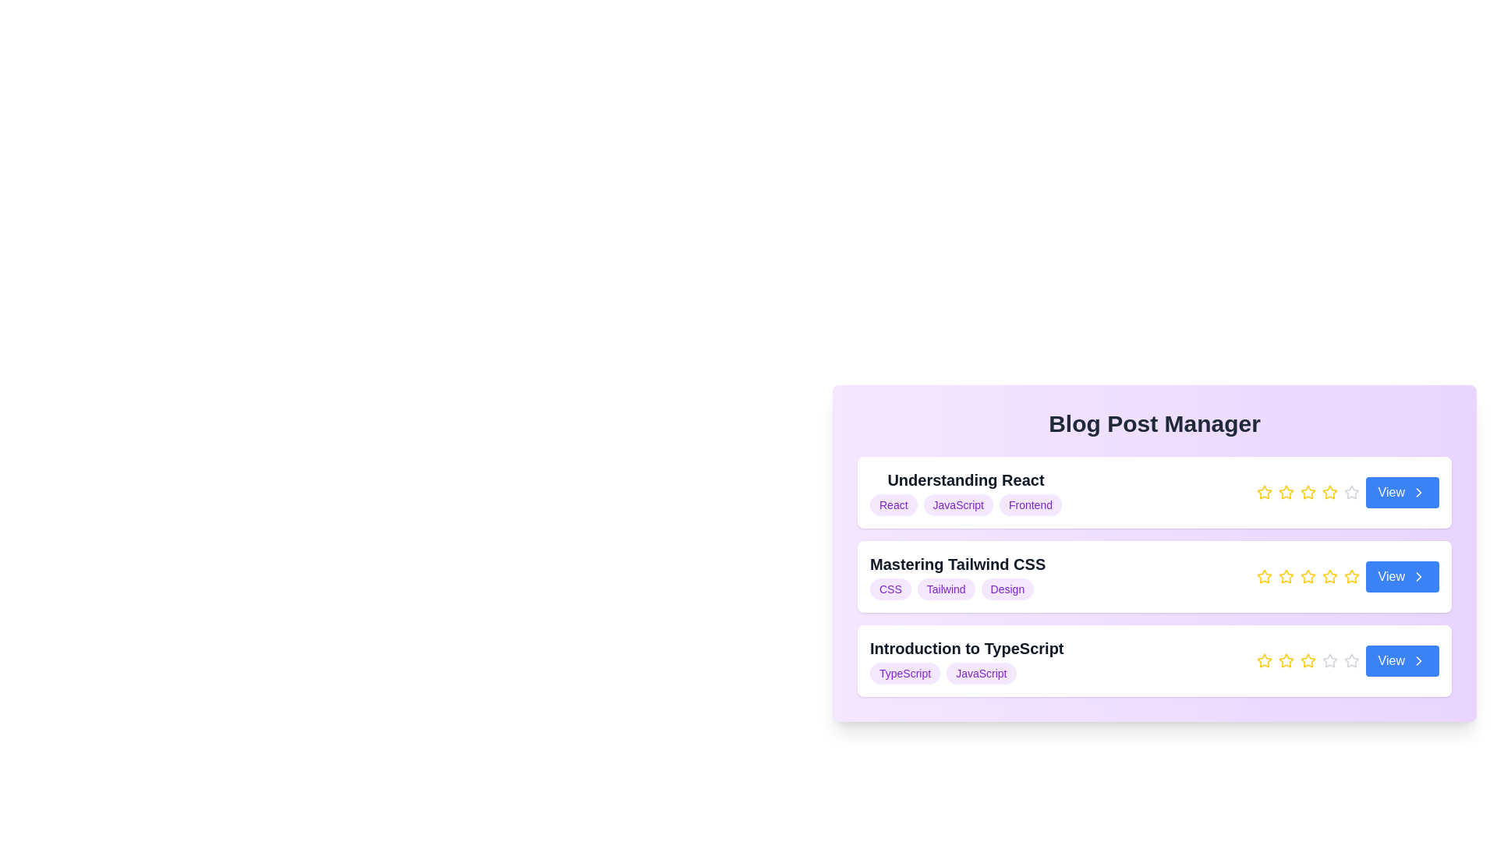 The width and height of the screenshot is (1497, 842). Describe the element at coordinates (1264, 576) in the screenshot. I see `the third star icon in the list under 'Mastering Tailwind CSS', which is styled with a yellow fill and a white border` at that location.